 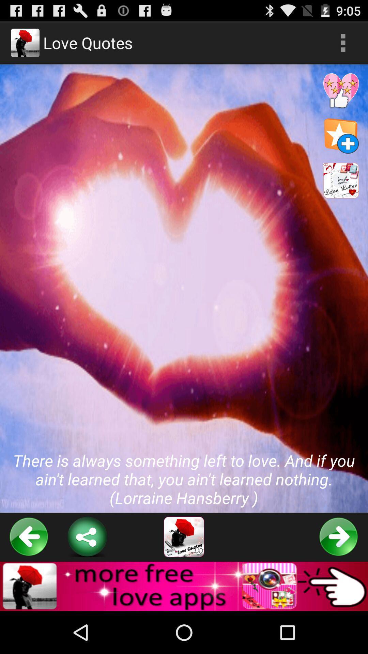 I want to click on icon above there is always button, so click(x=343, y=42).